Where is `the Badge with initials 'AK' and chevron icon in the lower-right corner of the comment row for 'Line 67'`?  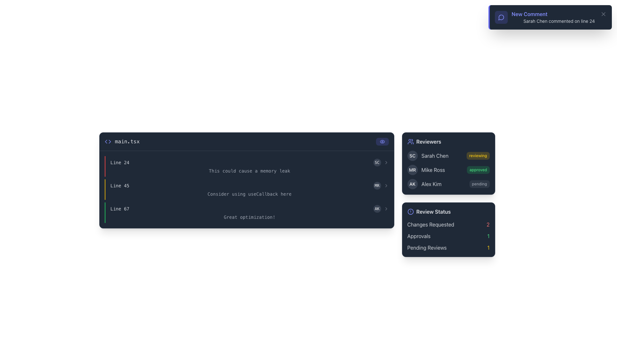 the Badge with initials 'AK' and chevron icon in the lower-right corner of the comment row for 'Line 67' is located at coordinates (381, 209).